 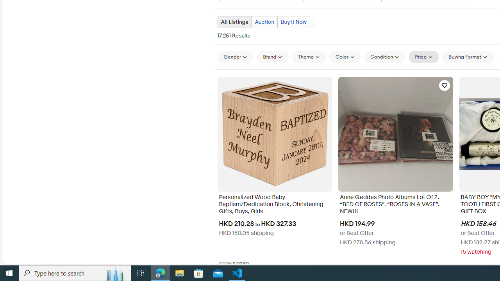 I want to click on 'All Listings', so click(x=234, y=21).